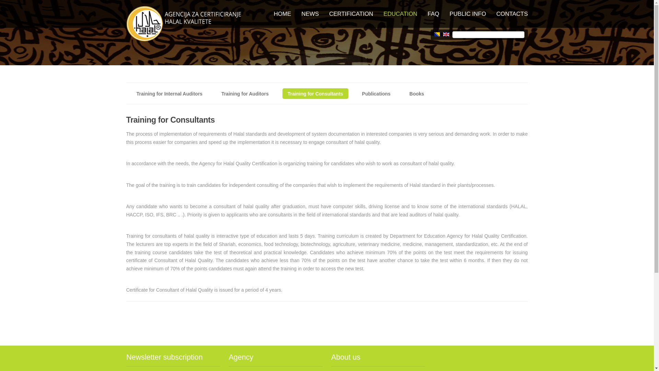 The width and height of the screenshot is (659, 371). What do you see at coordinates (444, 16) in the screenshot?
I see `'PUBLIC INFO'` at bounding box center [444, 16].